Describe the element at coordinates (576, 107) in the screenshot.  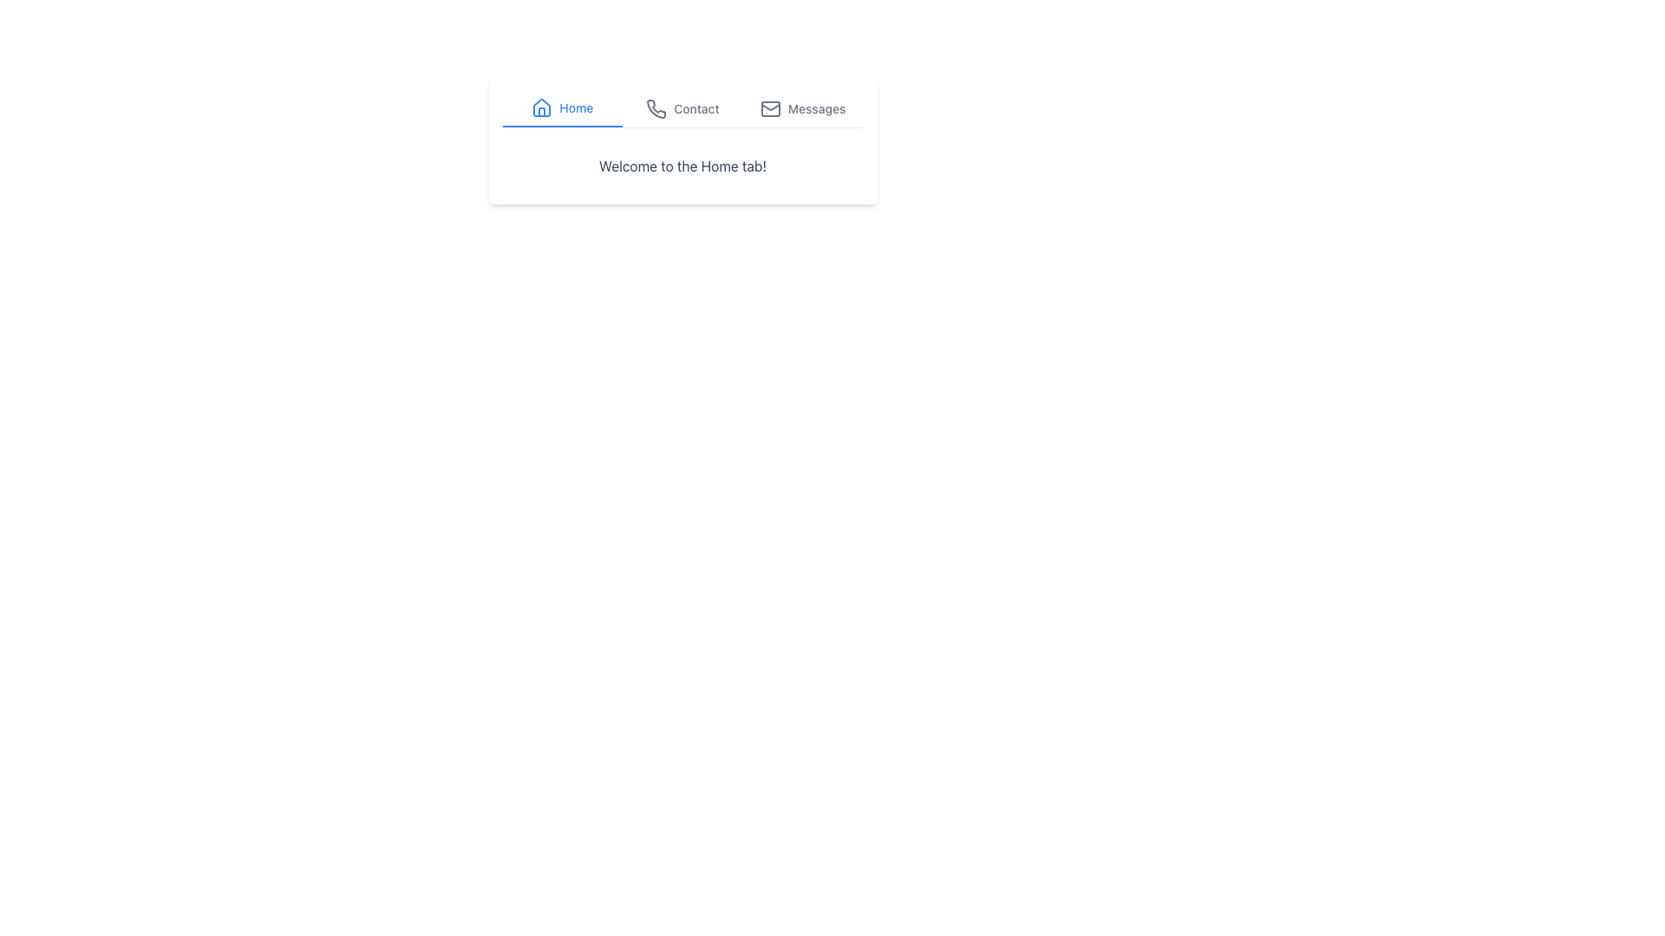
I see `the 'Home' text label in the navigation bar` at that location.